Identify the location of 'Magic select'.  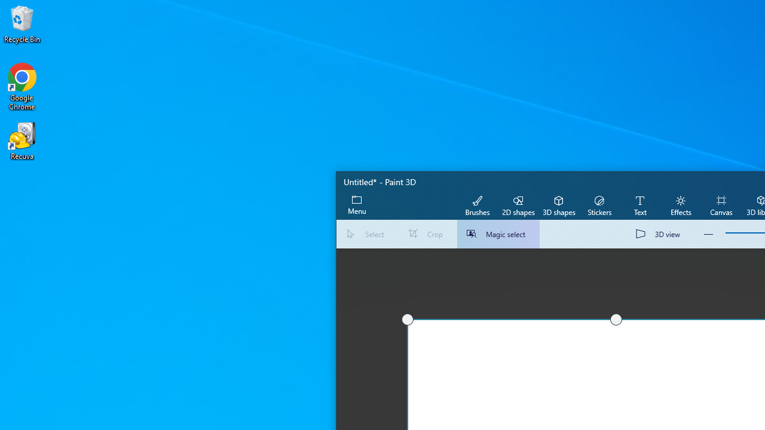
(498, 234).